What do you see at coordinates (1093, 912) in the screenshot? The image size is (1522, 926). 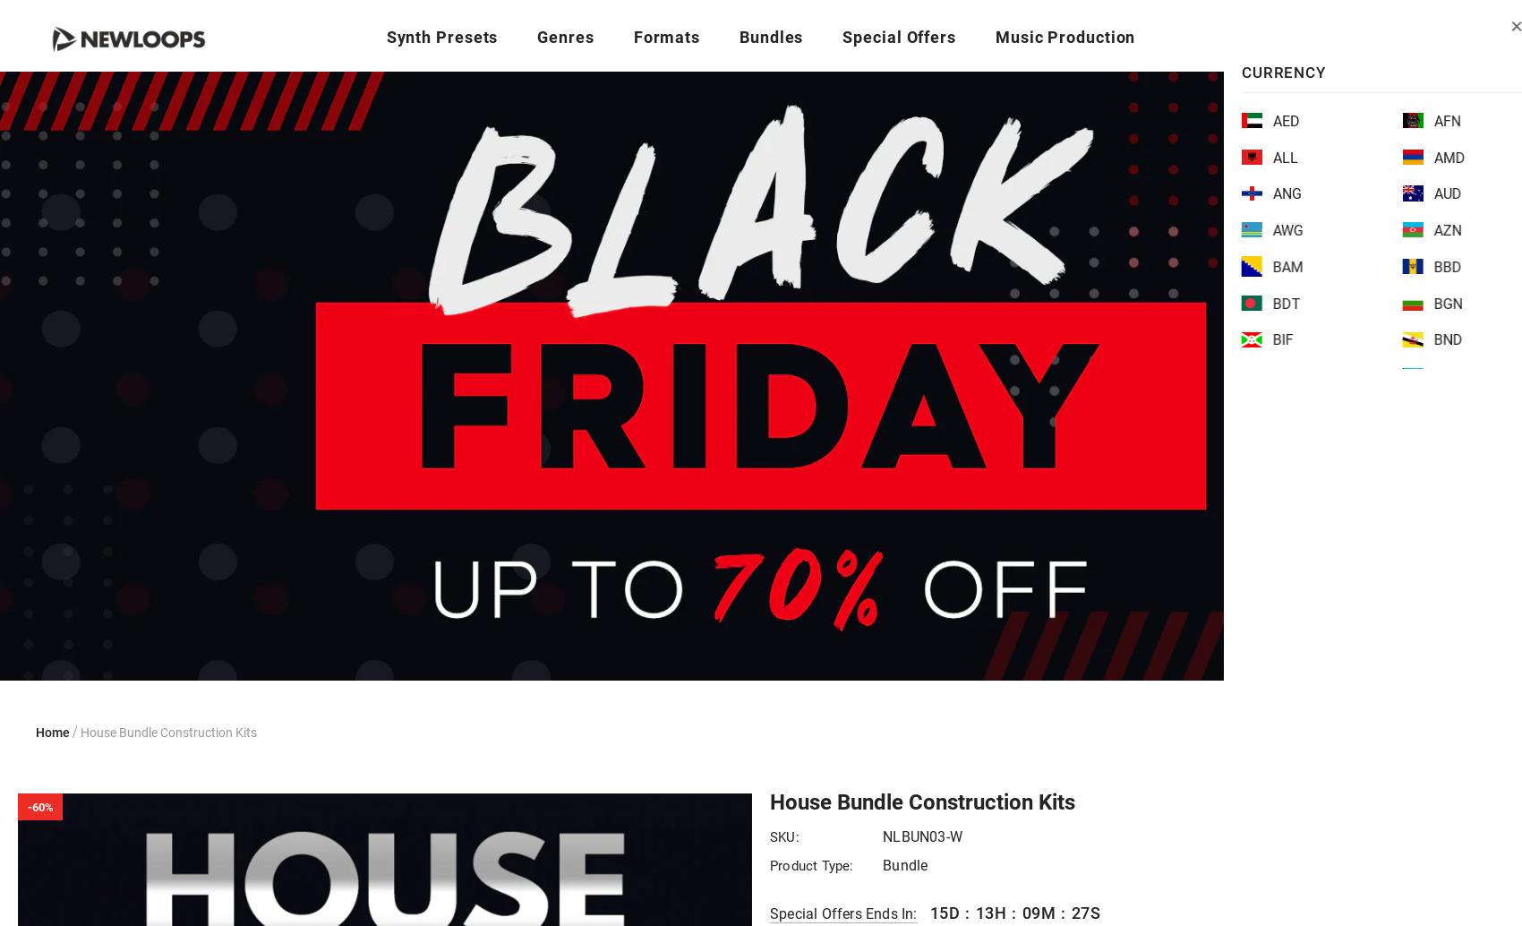 I see `'S'` at bounding box center [1093, 912].